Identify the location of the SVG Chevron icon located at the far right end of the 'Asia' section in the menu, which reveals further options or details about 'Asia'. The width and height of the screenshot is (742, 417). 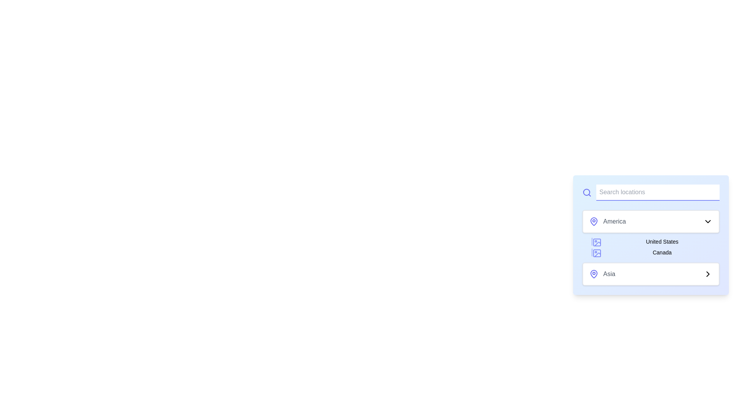
(708, 273).